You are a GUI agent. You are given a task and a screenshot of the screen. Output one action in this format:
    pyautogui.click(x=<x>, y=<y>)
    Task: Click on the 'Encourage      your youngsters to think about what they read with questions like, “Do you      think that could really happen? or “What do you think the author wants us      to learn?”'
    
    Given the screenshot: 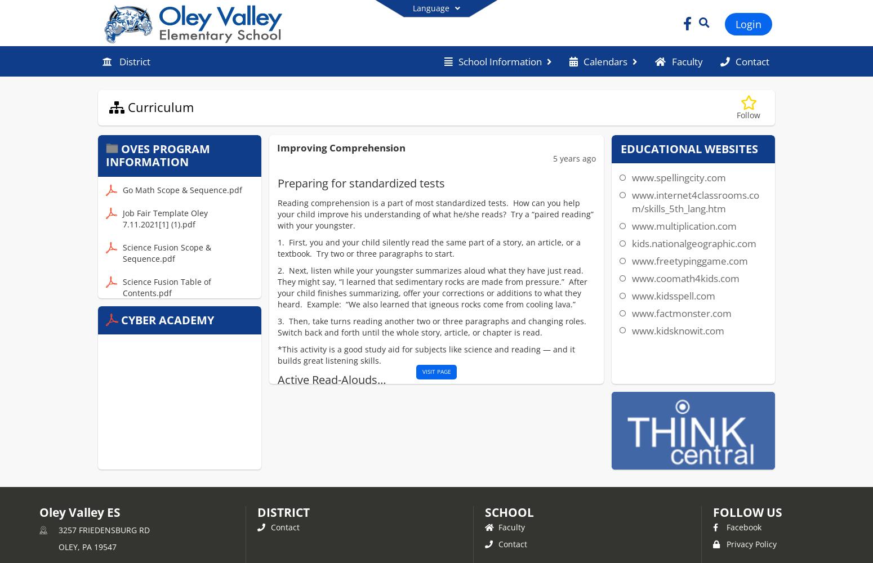 What is the action you would take?
    pyautogui.click(x=446, y=471)
    